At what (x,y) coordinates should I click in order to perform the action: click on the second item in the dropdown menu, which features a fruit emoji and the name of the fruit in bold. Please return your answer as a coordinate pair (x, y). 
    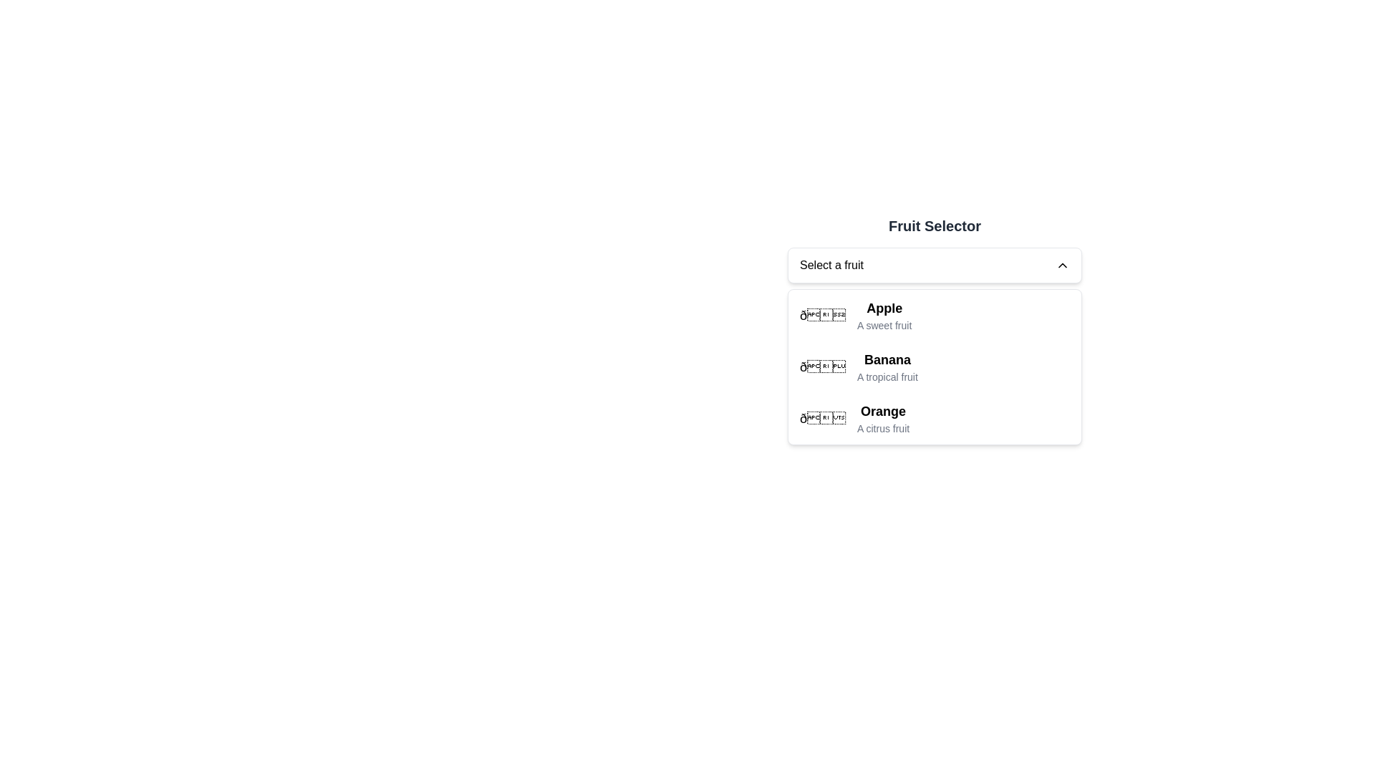
    Looking at the image, I should click on (935, 366).